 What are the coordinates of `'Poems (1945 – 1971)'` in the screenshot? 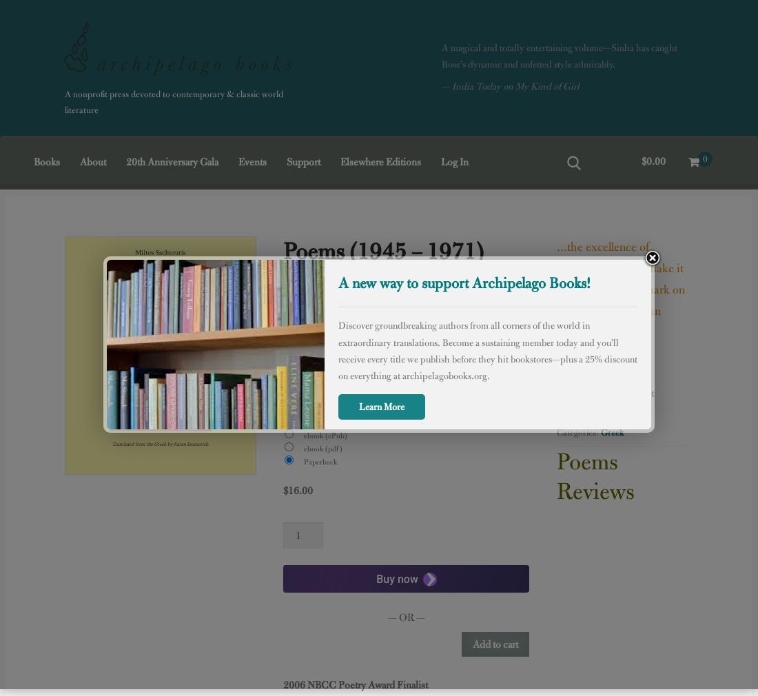 It's located at (382, 250).